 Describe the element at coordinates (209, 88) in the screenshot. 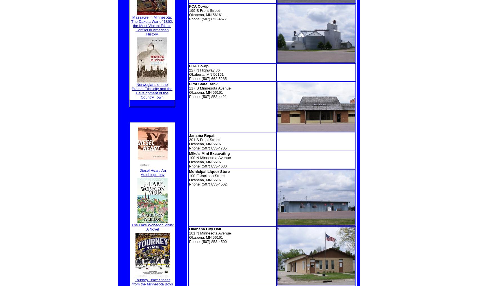

I see `'117 S Minnesota 
					Avenue'` at that location.